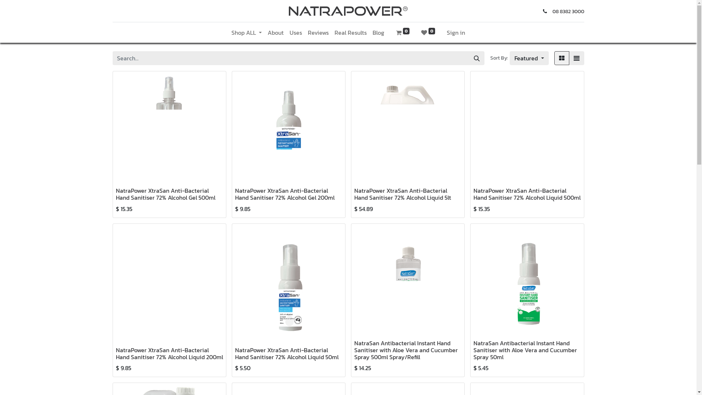  Describe the element at coordinates (378, 32) in the screenshot. I see `'Blog'` at that location.